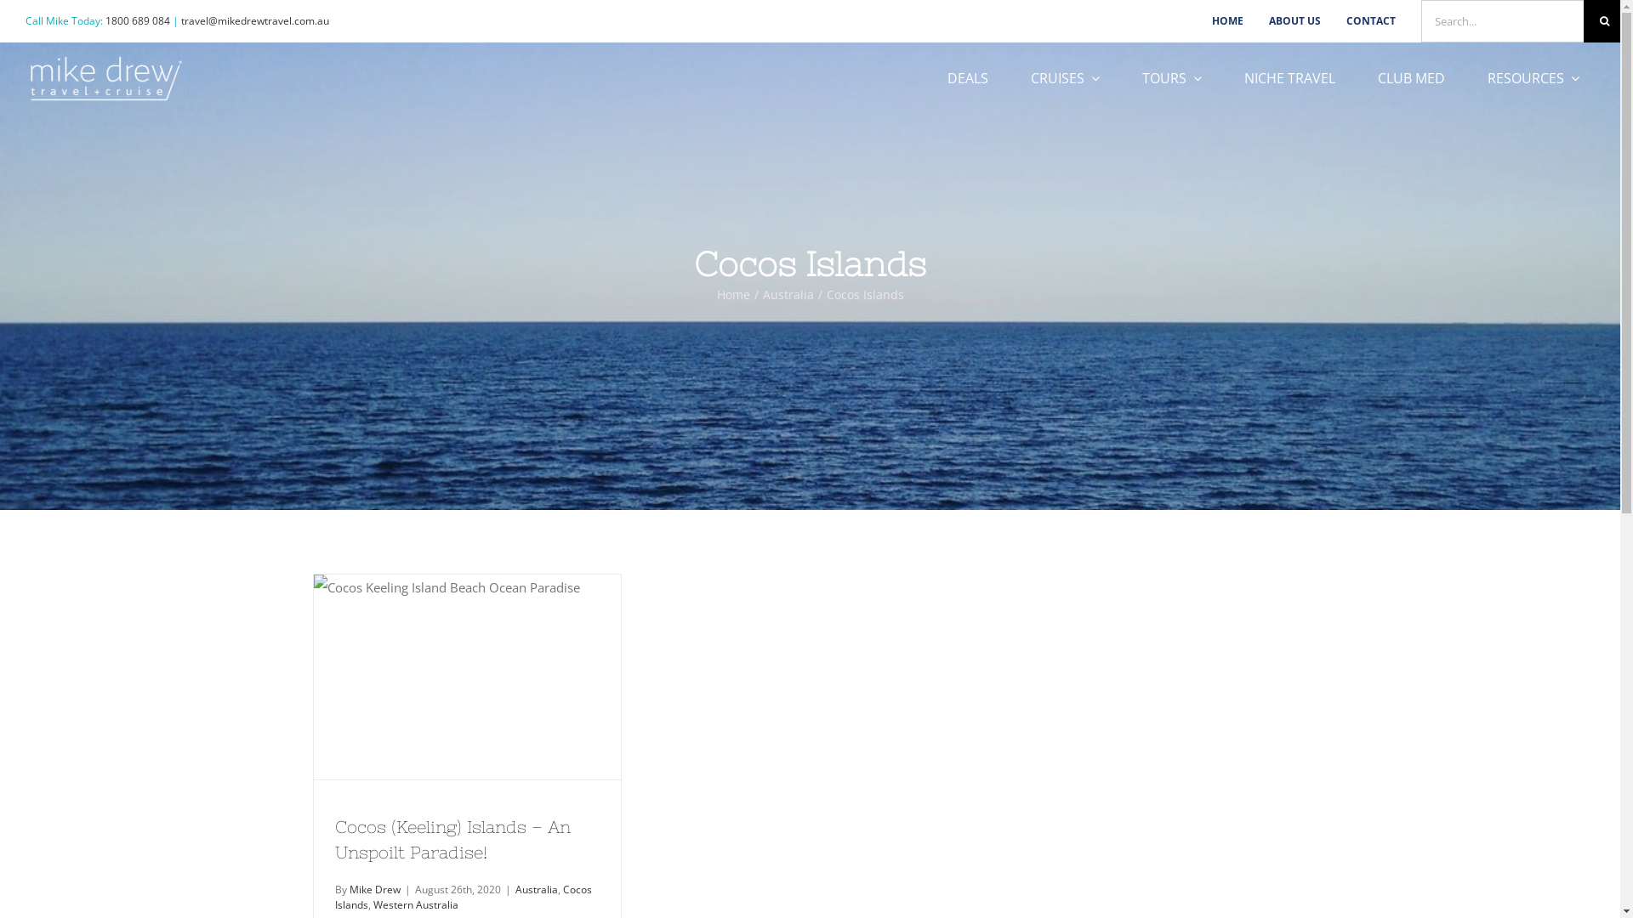 This screenshot has height=918, width=1633. Describe the element at coordinates (1294, 20) in the screenshot. I see `'ABOUT US'` at that location.